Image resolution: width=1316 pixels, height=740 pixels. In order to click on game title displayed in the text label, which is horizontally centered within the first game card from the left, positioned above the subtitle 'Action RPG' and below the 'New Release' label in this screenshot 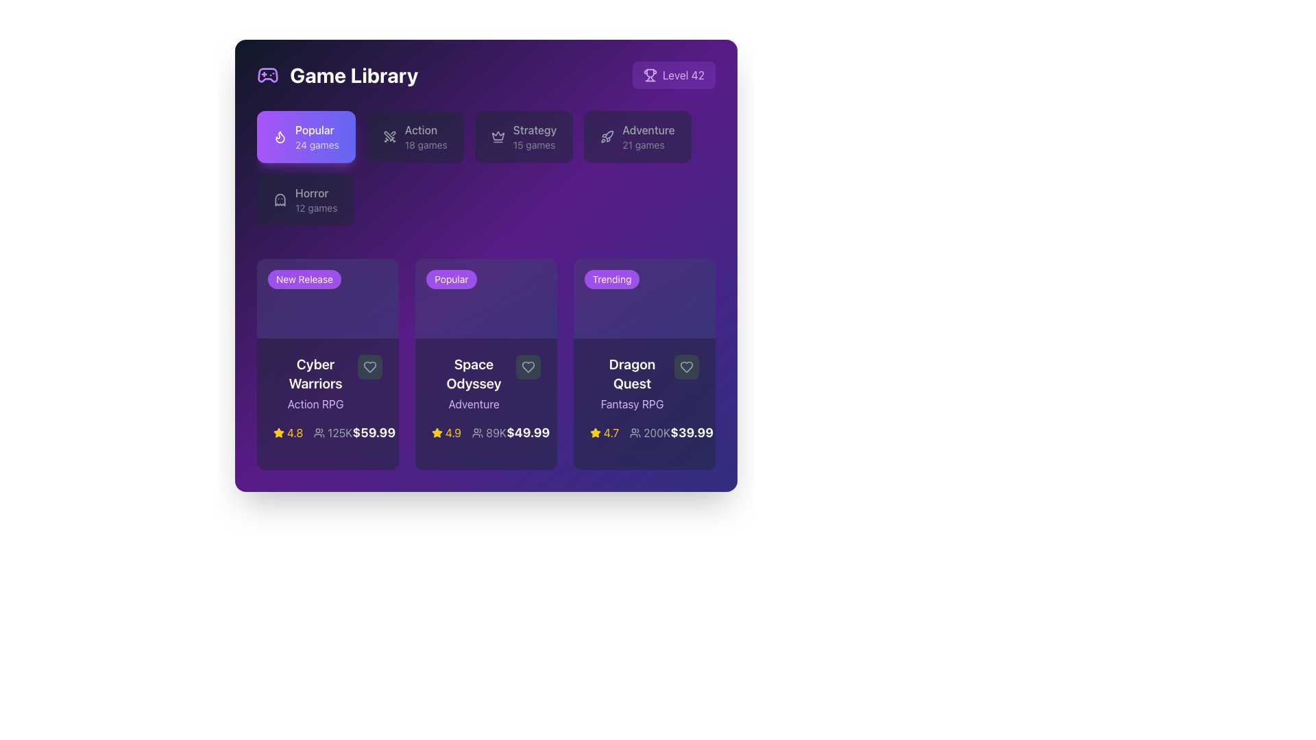, I will do `click(315, 374)`.